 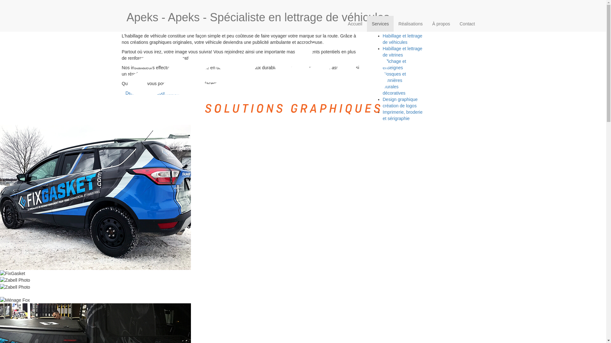 What do you see at coordinates (402, 51) in the screenshot?
I see `'Habillage et lettrage` at bounding box center [402, 51].